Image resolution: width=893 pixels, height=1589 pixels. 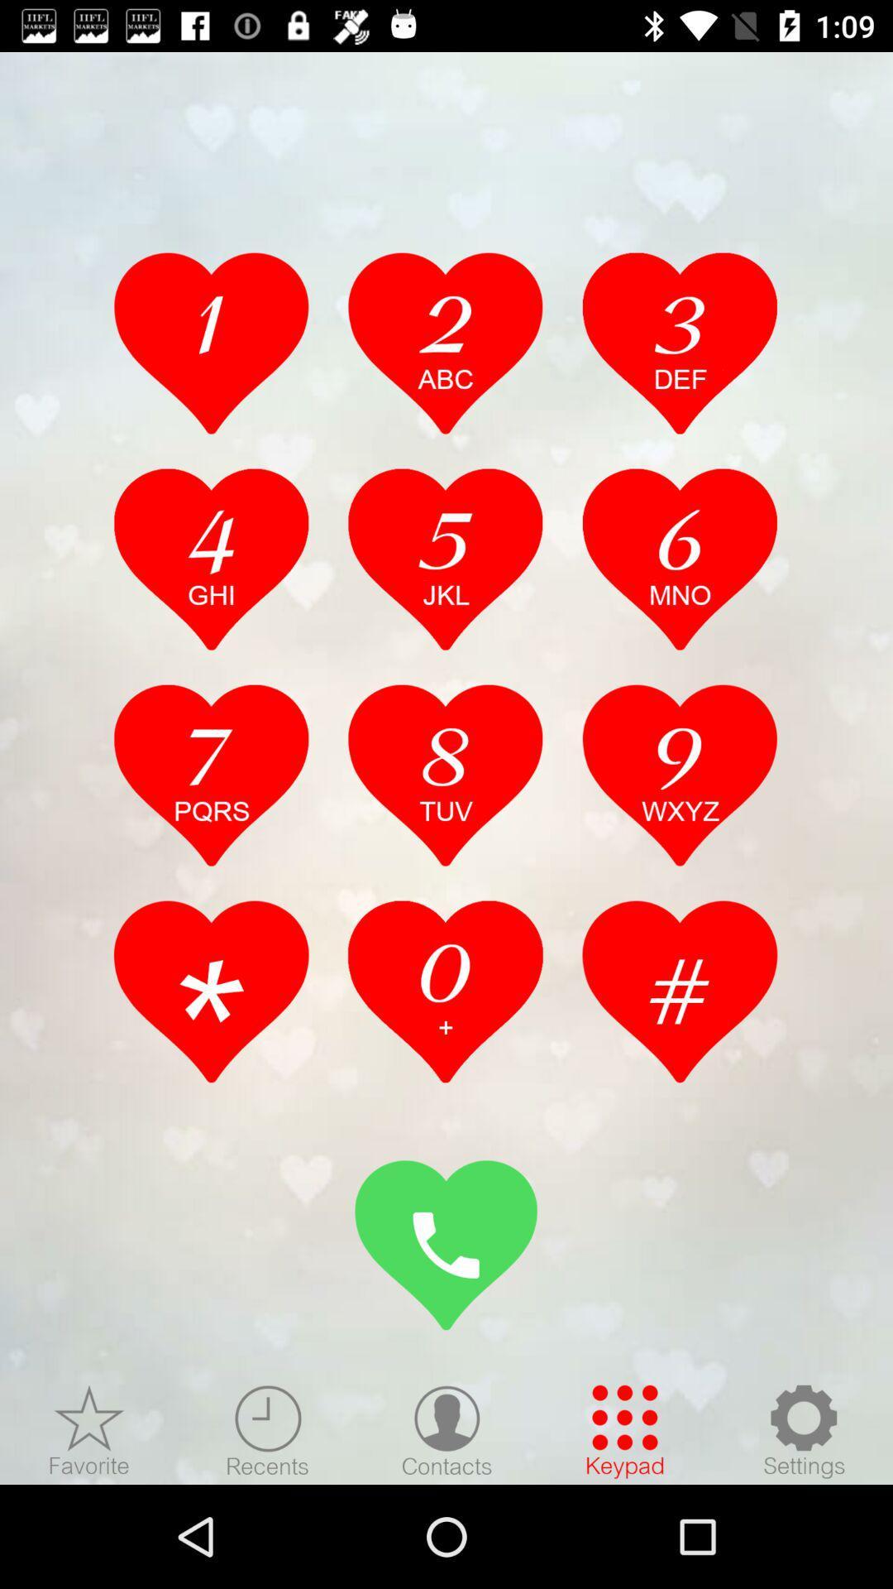 What do you see at coordinates (445, 774) in the screenshot?
I see `8` at bounding box center [445, 774].